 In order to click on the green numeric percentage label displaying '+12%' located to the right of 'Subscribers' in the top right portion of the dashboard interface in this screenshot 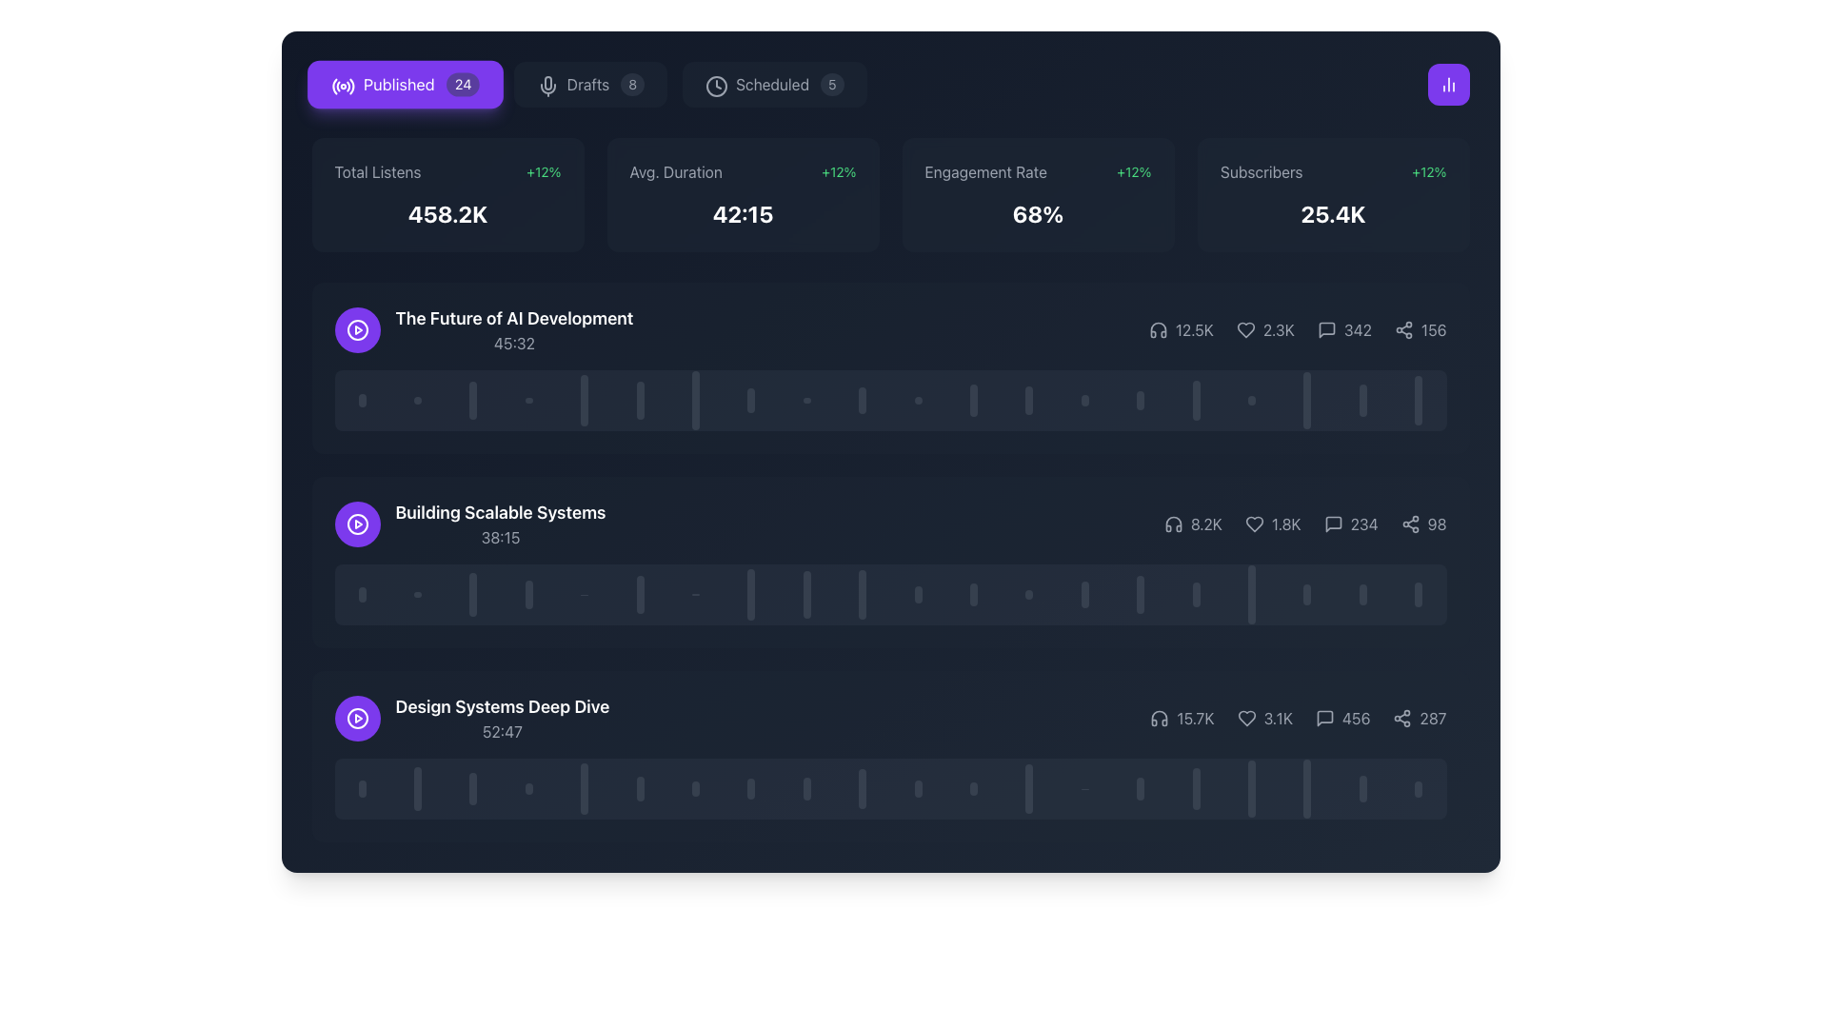, I will do `click(1429, 172)`.